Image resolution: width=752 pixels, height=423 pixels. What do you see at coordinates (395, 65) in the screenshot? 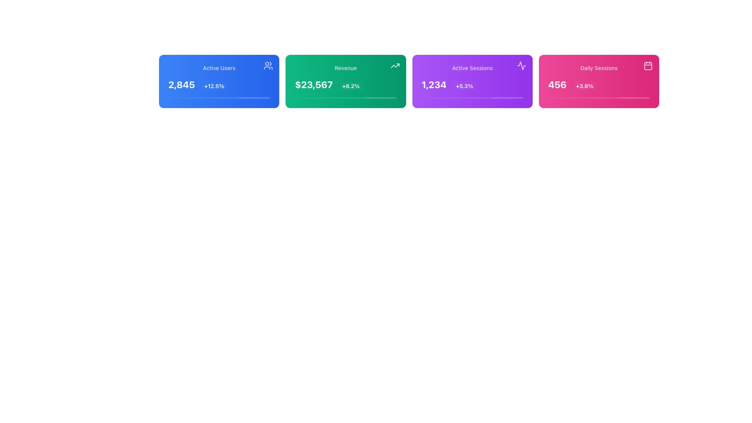
I see `the growth indicator icon located at the top-right corner of the 'Revenue' card, which symbolizes a positive trend in revenue` at bounding box center [395, 65].